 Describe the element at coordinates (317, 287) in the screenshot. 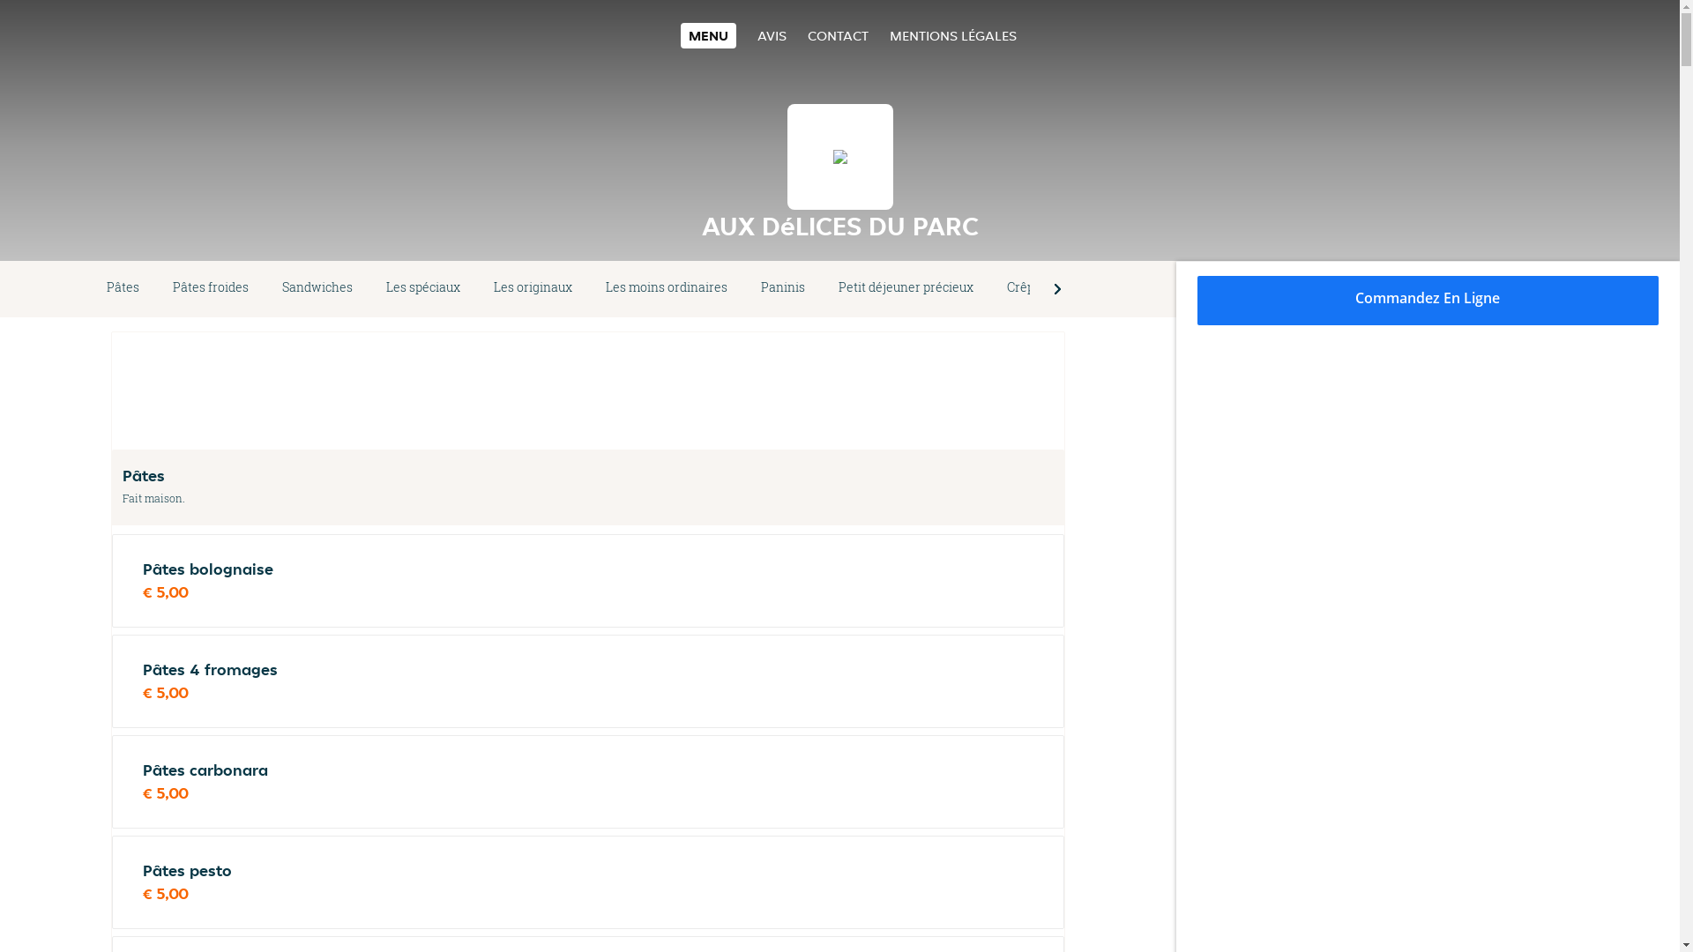

I see `'Sandwiches'` at that location.